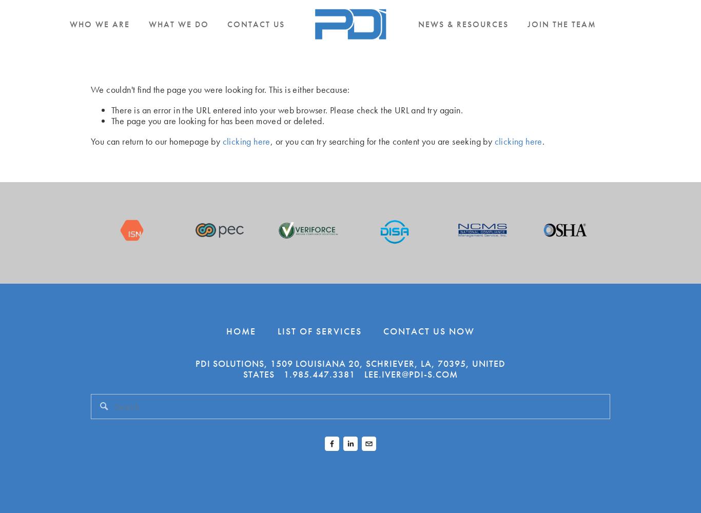  I want to click on 'CONTACT US NOW', so click(428, 330).